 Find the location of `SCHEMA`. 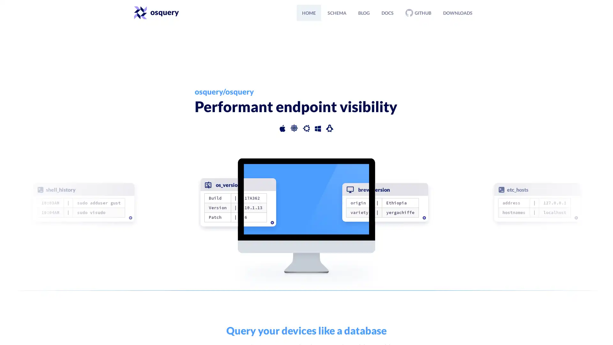

SCHEMA is located at coordinates (337, 12).